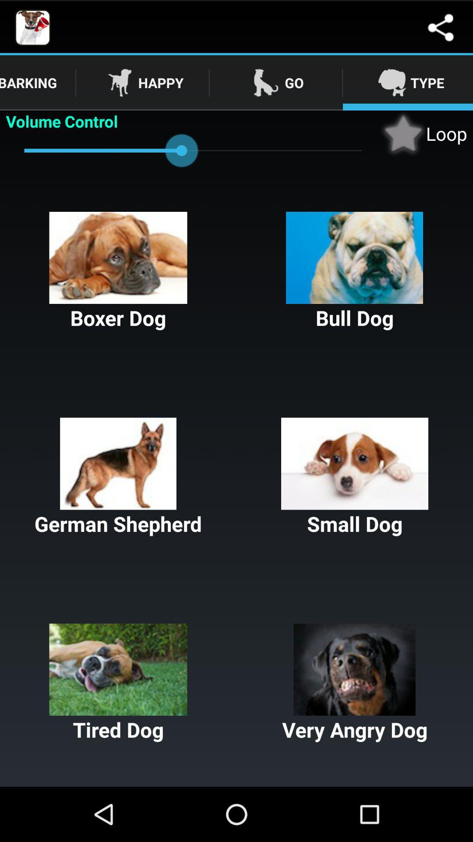 This screenshot has width=473, height=842. I want to click on move to go tab which beside the happy tab, so click(276, 82).